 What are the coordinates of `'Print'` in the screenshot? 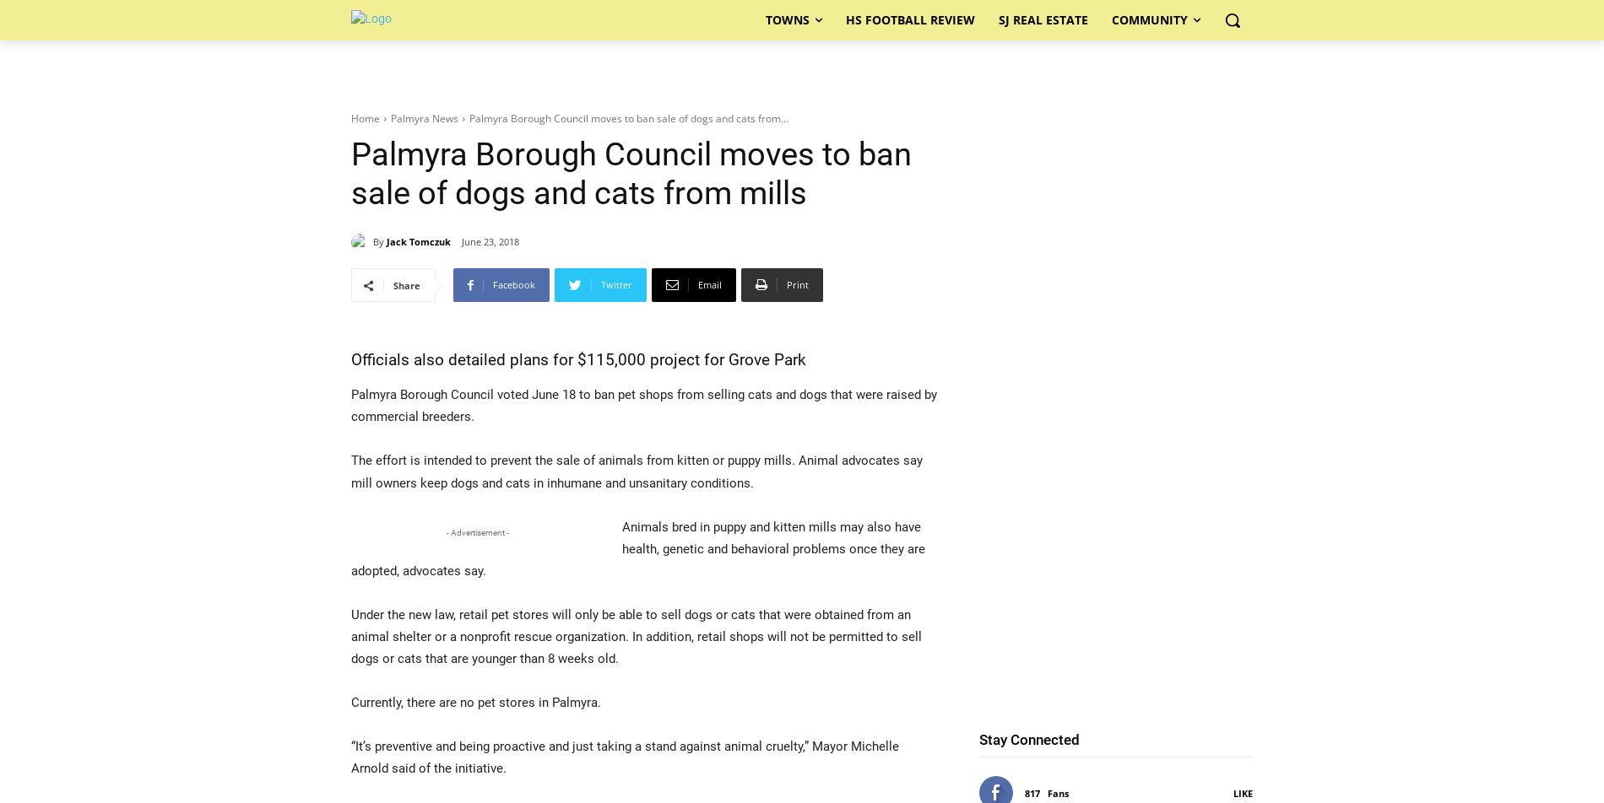 It's located at (797, 284).